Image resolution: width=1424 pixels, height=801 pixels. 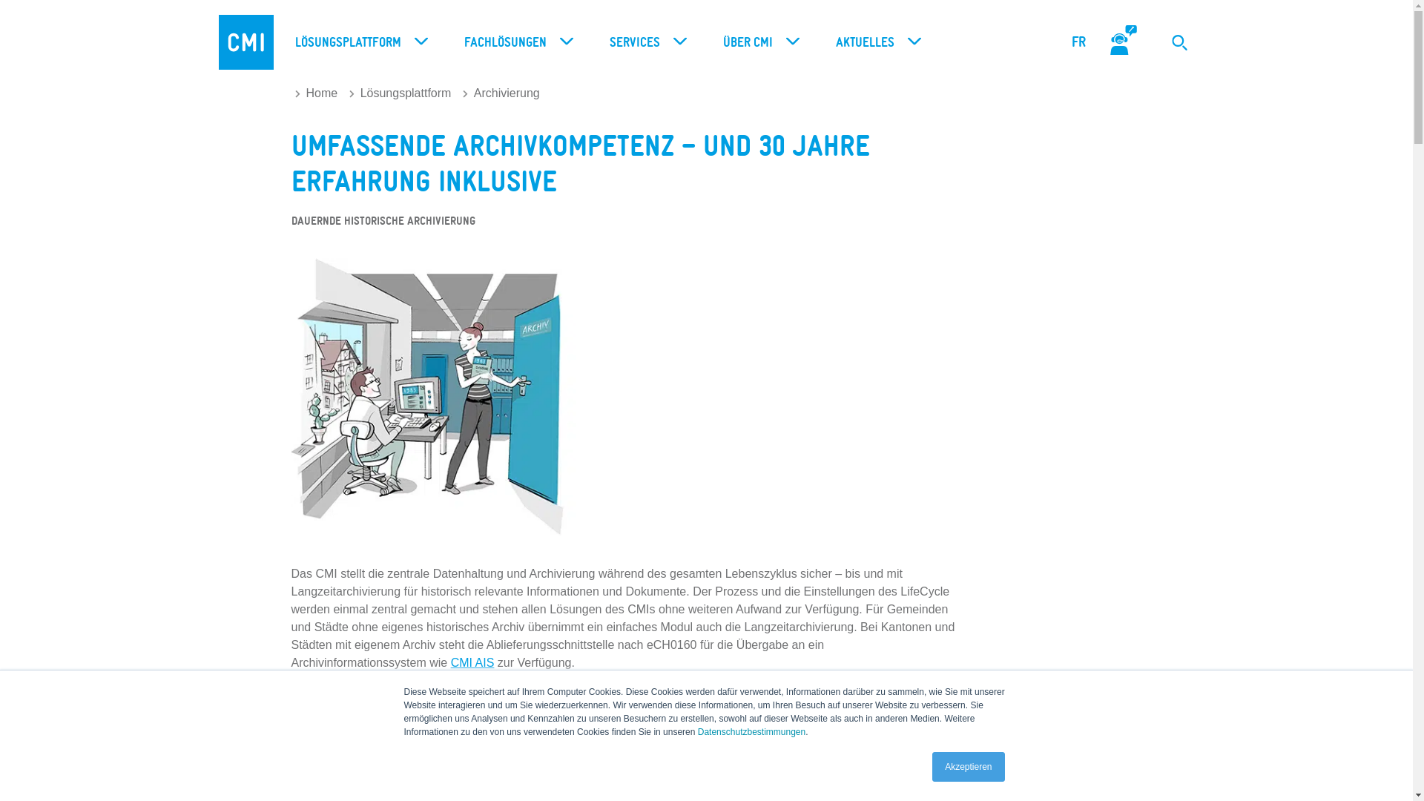 I want to click on 'Home', so click(x=295, y=93).